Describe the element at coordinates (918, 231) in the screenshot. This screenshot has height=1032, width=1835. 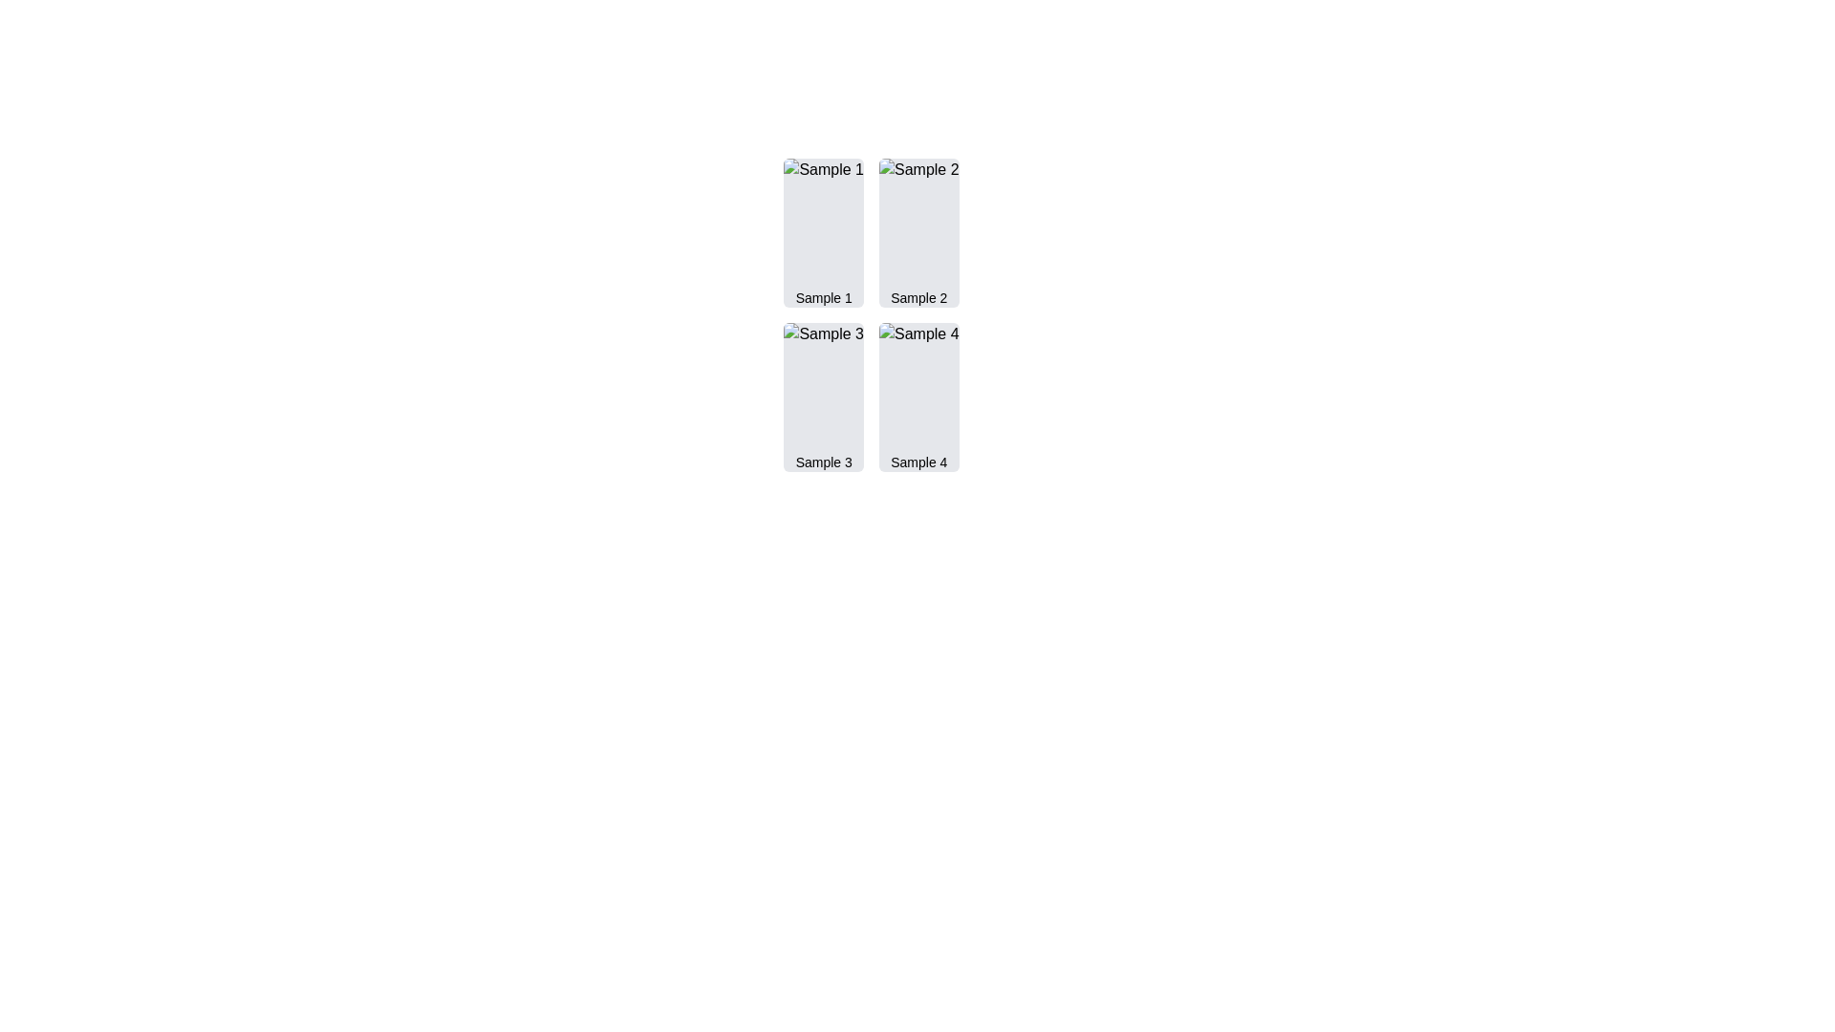
I see `the second visual card in the grid layout` at that location.